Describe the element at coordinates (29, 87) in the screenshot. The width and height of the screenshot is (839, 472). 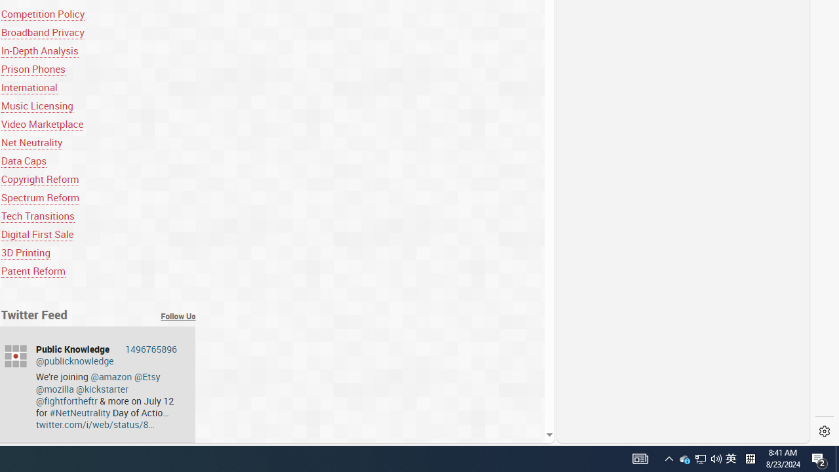
I see `'International'` at that location.